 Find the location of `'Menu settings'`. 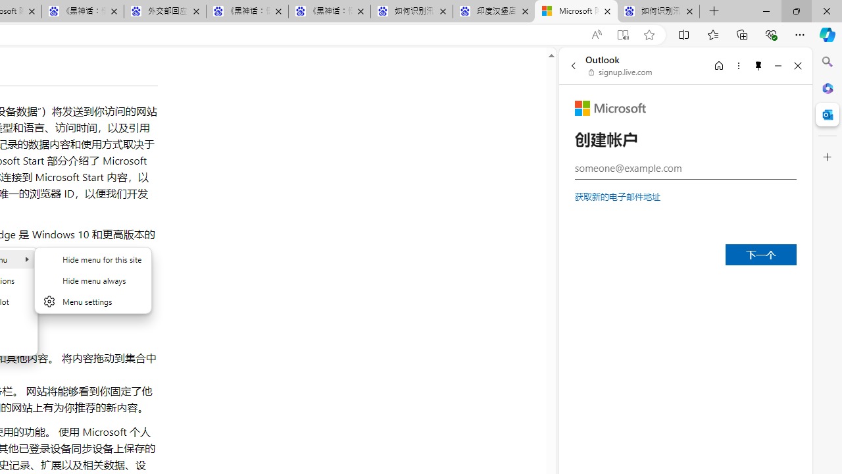

'Menu settings' is located at coordinates (92, 301).